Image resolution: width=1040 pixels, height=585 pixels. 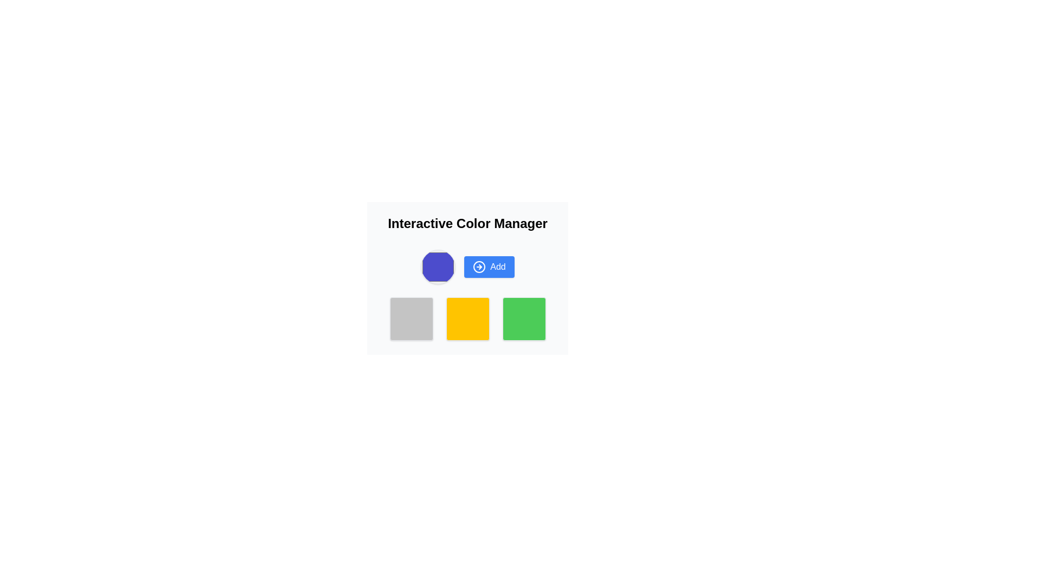 What do you see at coordinates (411, 318) in the screenshot?
I see `the visual button located in the first column of the second row of the grid, which serves as a selectable color or pattern option` at bounding box center [411, 318].